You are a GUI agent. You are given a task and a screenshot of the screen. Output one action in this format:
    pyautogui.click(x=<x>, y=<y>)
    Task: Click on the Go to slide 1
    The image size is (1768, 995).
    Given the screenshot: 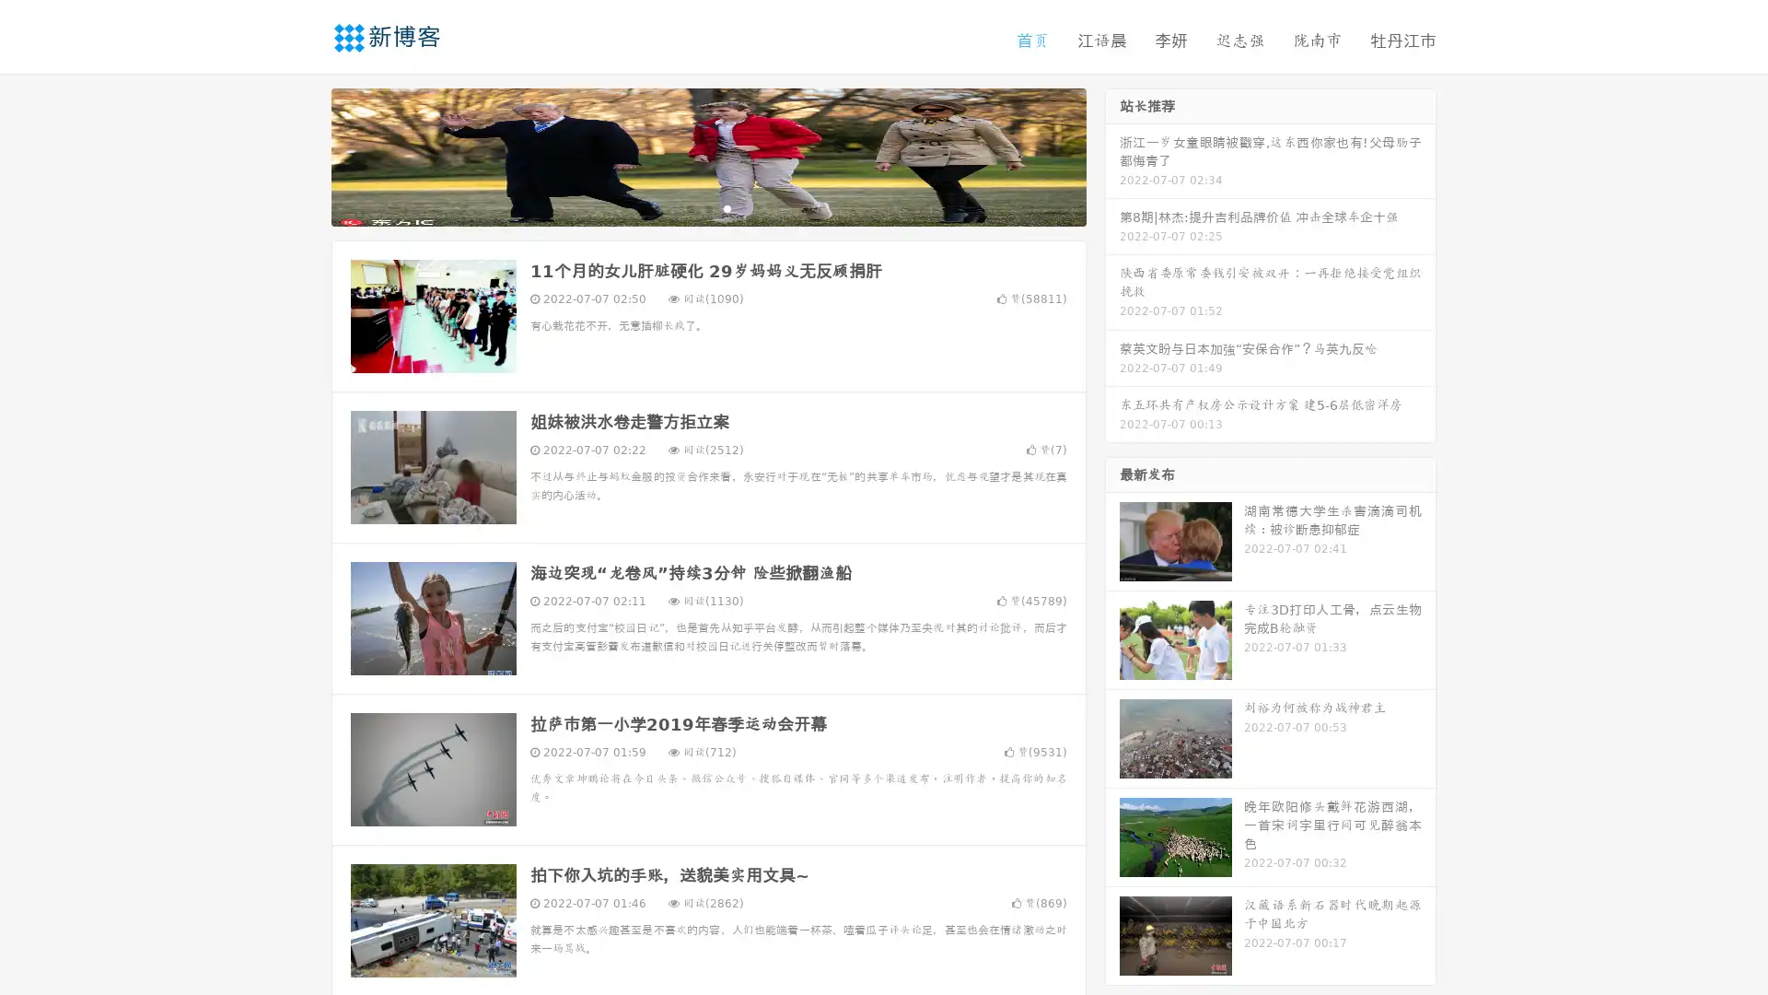 What is the action you would take?
    pyautogui.click(x=689, y=207)
    